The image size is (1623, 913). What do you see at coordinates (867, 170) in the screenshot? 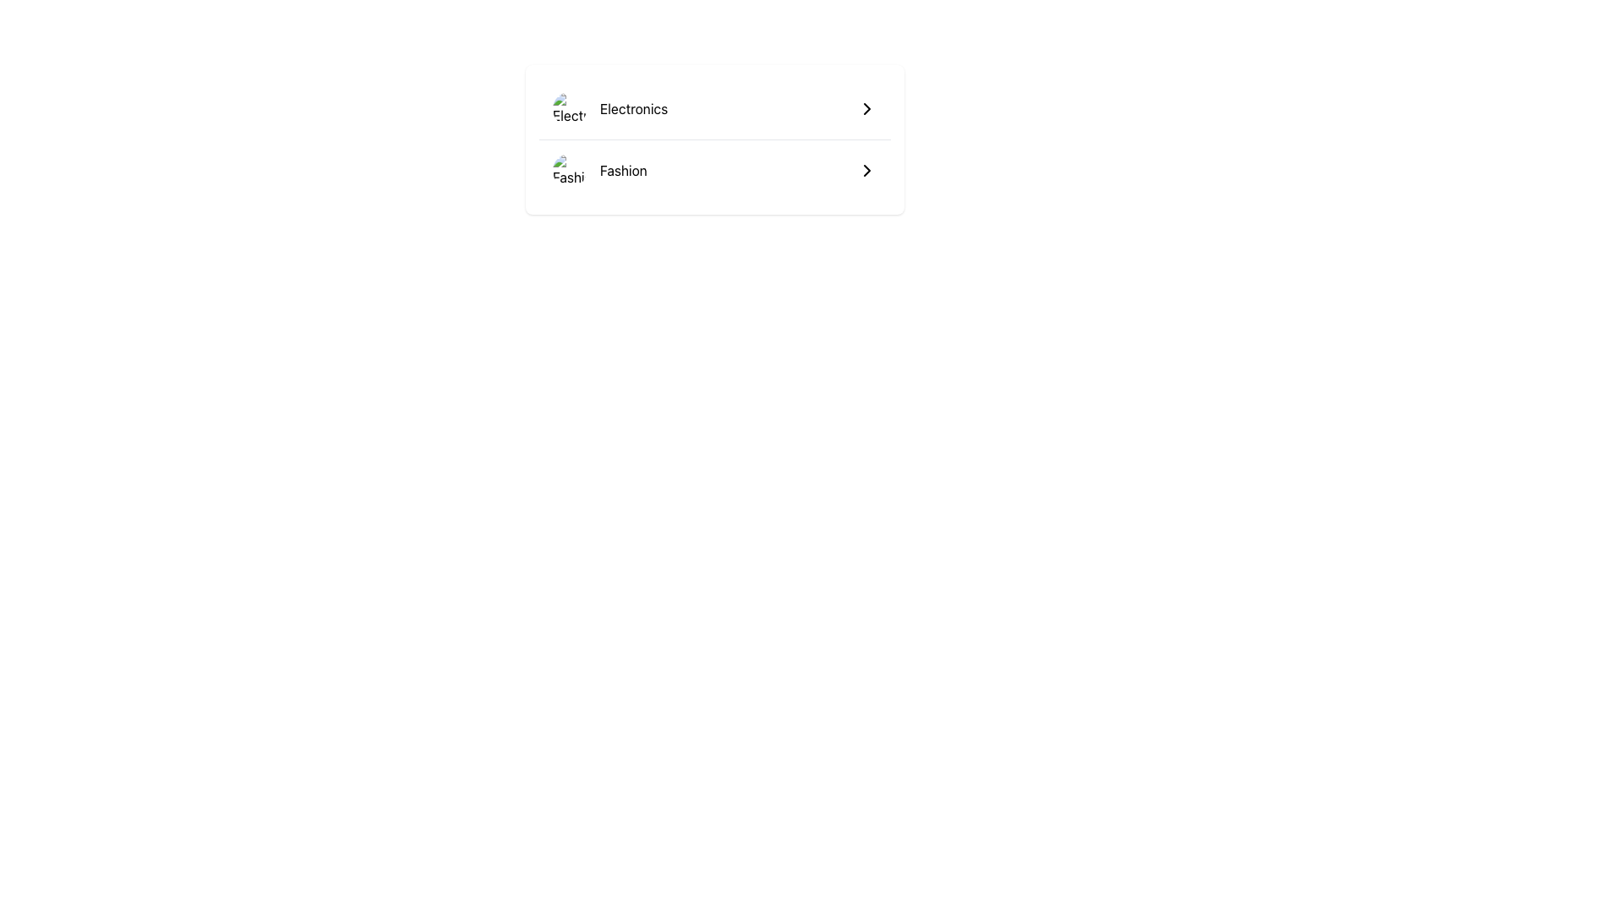
I see `the Chevron right navigation icon located at the far-right end of the 'Fashion' row in the vertical menu list` at bounding box center [867, 170].